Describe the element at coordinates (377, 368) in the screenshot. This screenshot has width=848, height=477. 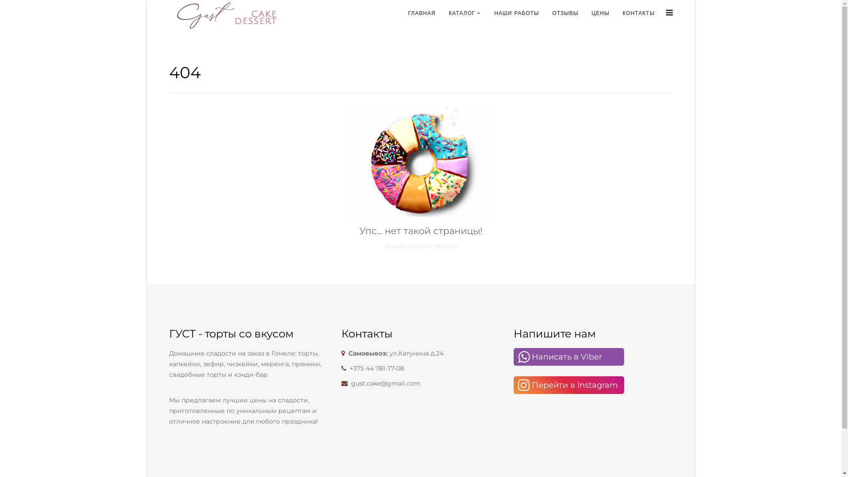
I see `'+375 44 781-77-08'` at that location.